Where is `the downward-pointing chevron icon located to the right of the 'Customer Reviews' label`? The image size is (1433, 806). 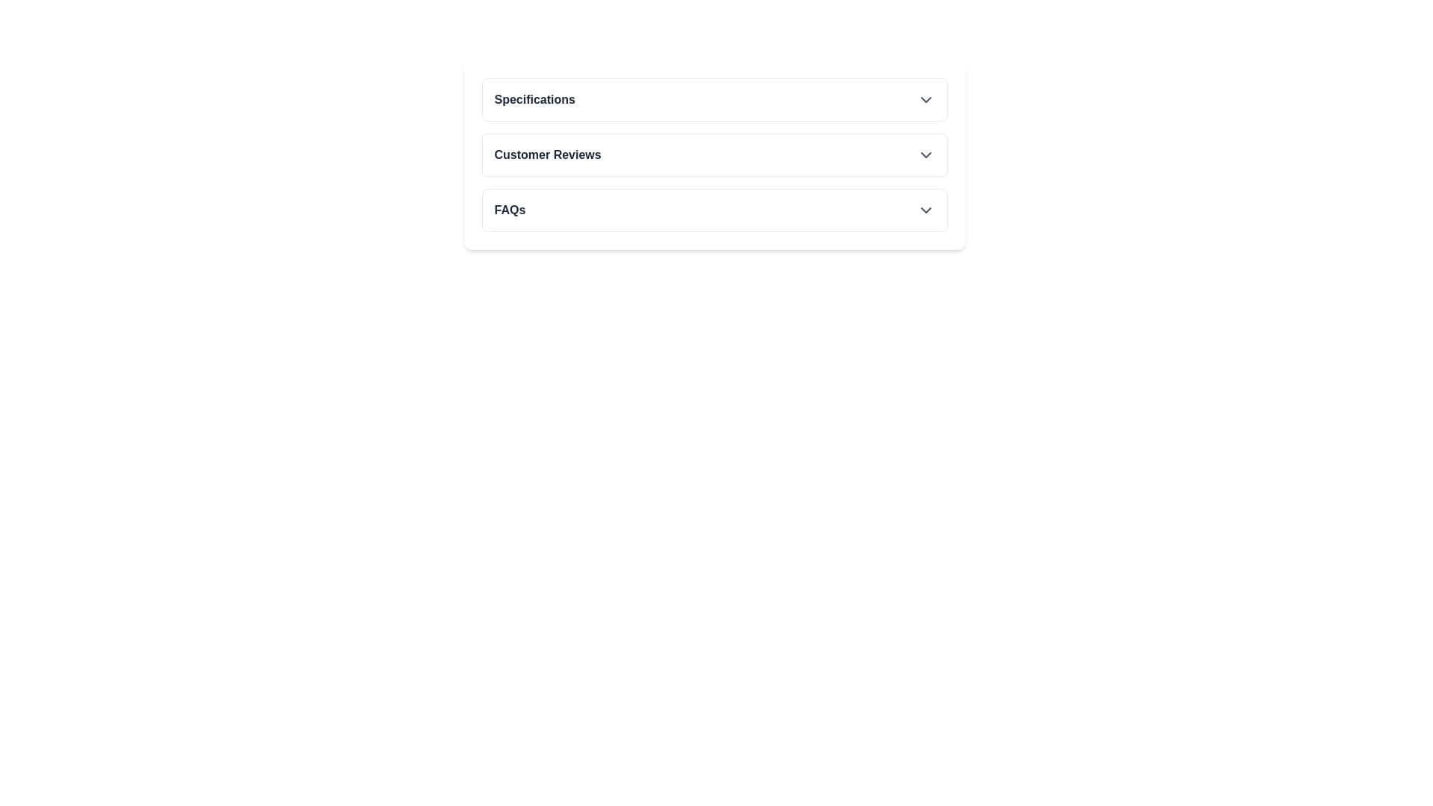
the downward-pointing chevron icon located to the right of the 'Customer Reviews' label is located at coordinates (925, 155).